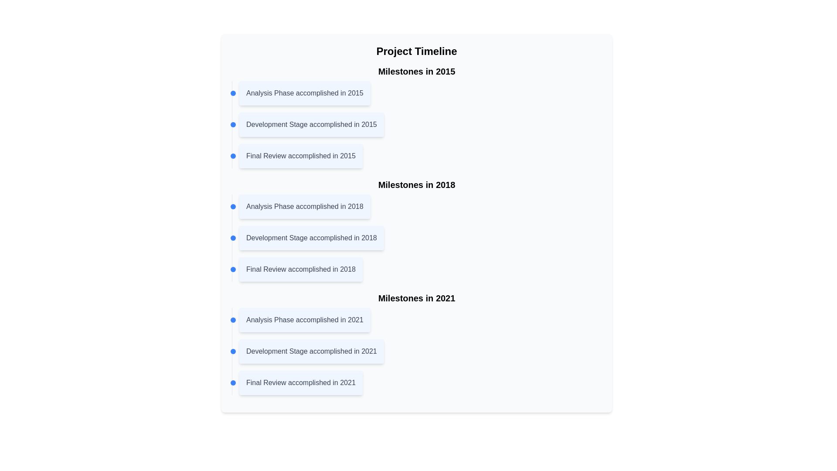  Describe the element at coordinates (311, 124) in the screenshot. I see `the static text label displaying 'Development Stage accomplished in 2015' which is positioned within a blue rounded rectangle background and is the second entry under 'Milestones in 2015'` at that location.